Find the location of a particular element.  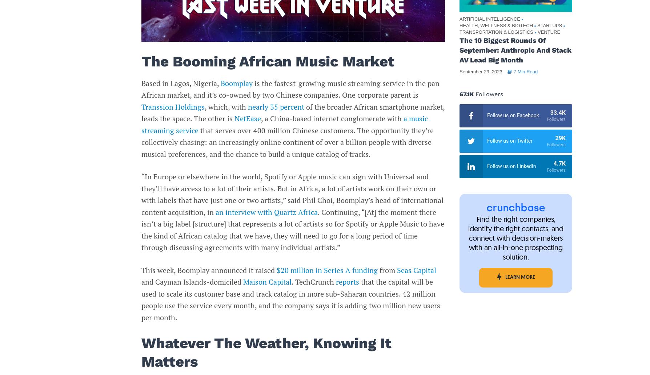

'33.4K' is located at coordinates (558, 112).